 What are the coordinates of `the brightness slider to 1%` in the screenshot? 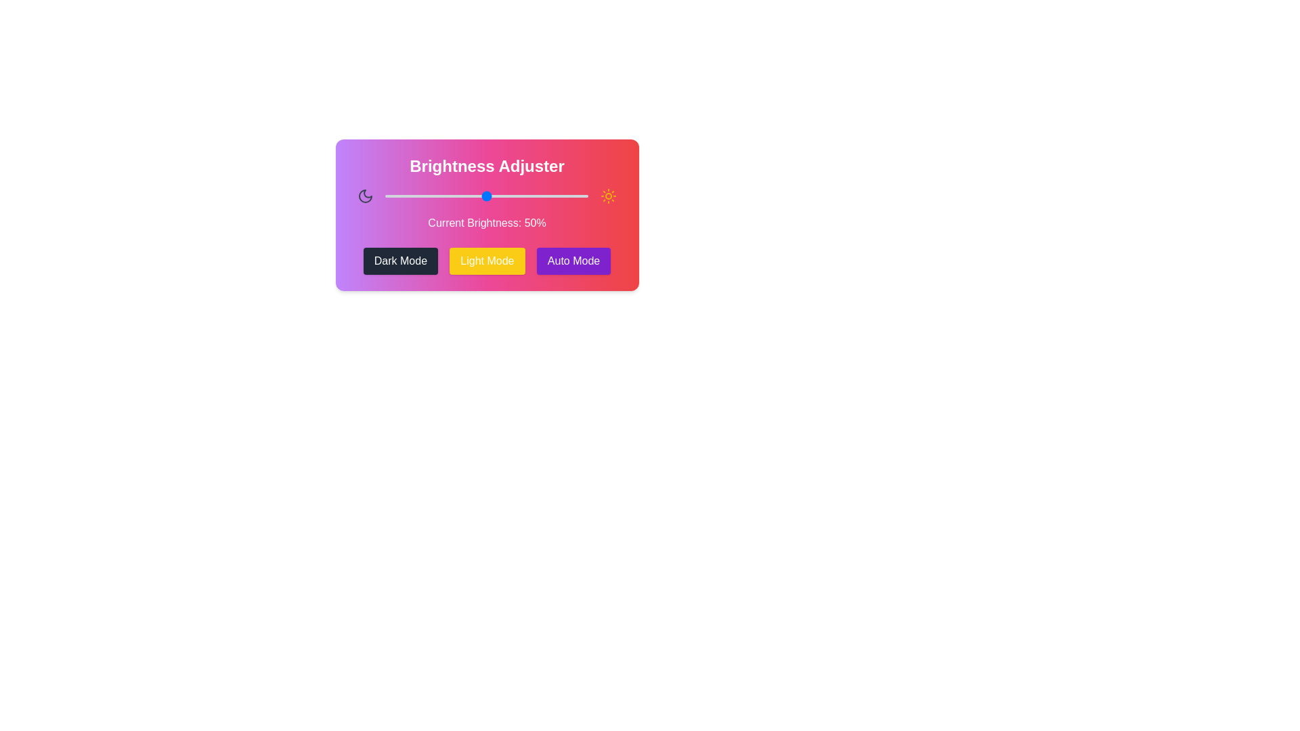 It's located at (386, 196).